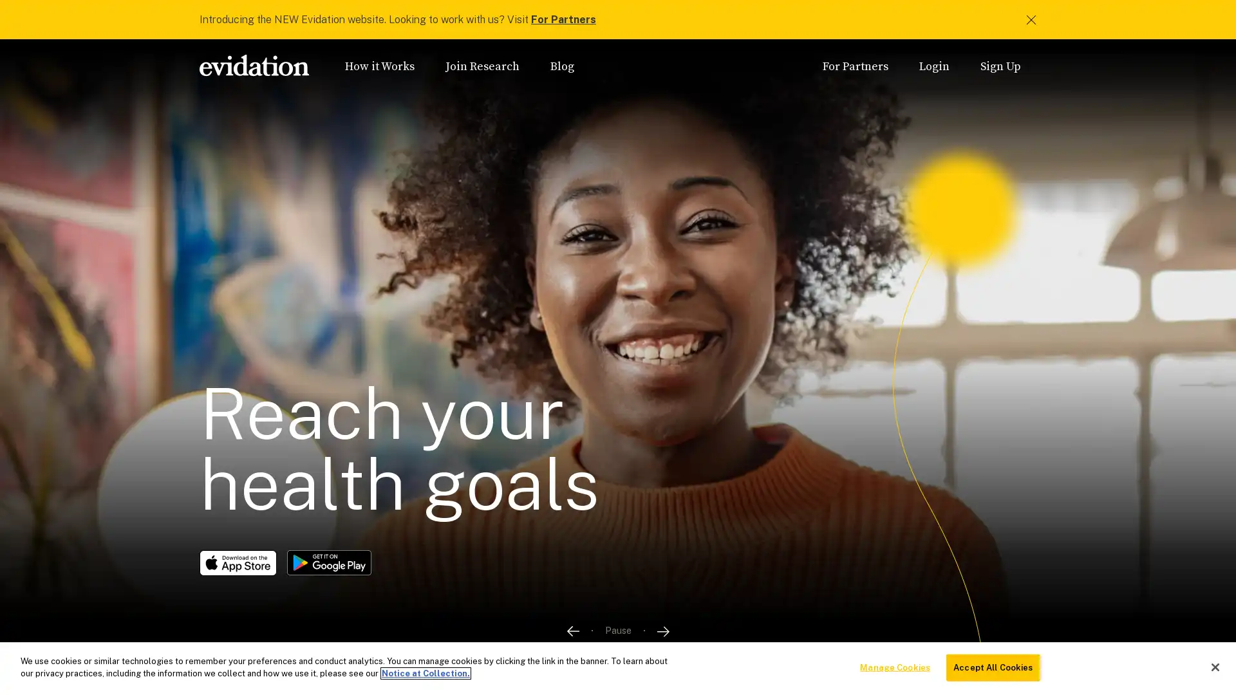  Describe the element at coordinates (571, 629) in the screenshot. I see `Previous slide` at that location.